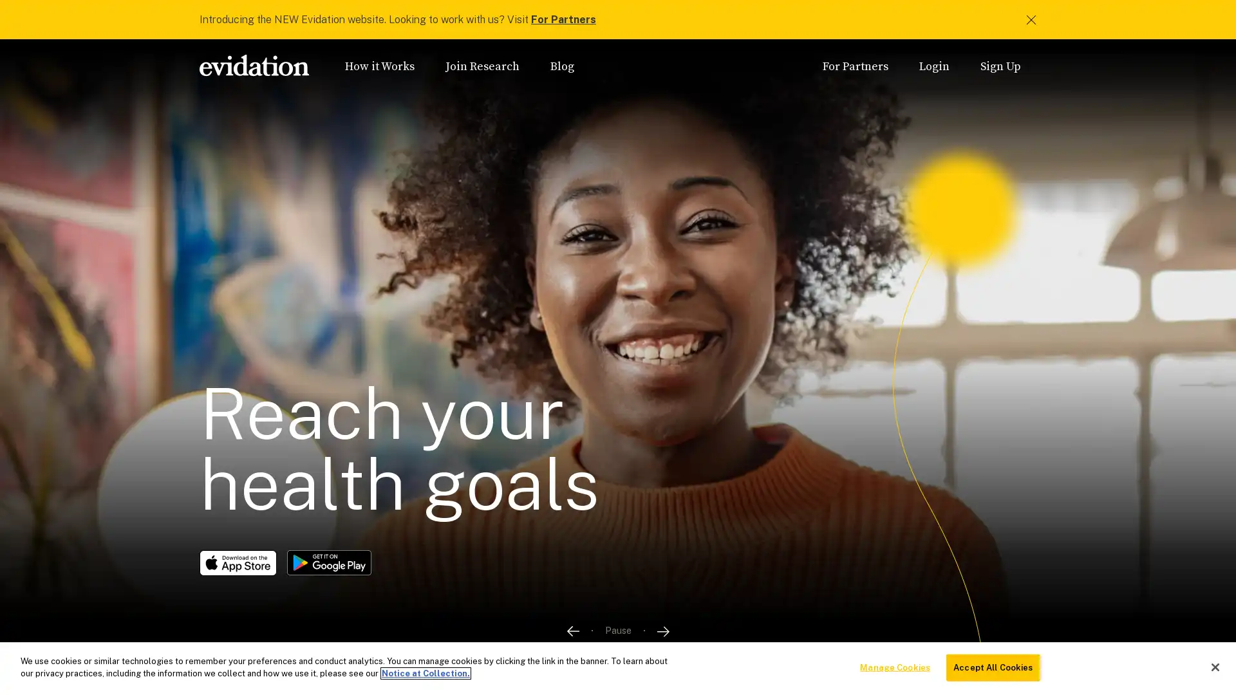  Describe the element at coordinates (571, 629) in the screenshot. I see `Previous slide` at that location.